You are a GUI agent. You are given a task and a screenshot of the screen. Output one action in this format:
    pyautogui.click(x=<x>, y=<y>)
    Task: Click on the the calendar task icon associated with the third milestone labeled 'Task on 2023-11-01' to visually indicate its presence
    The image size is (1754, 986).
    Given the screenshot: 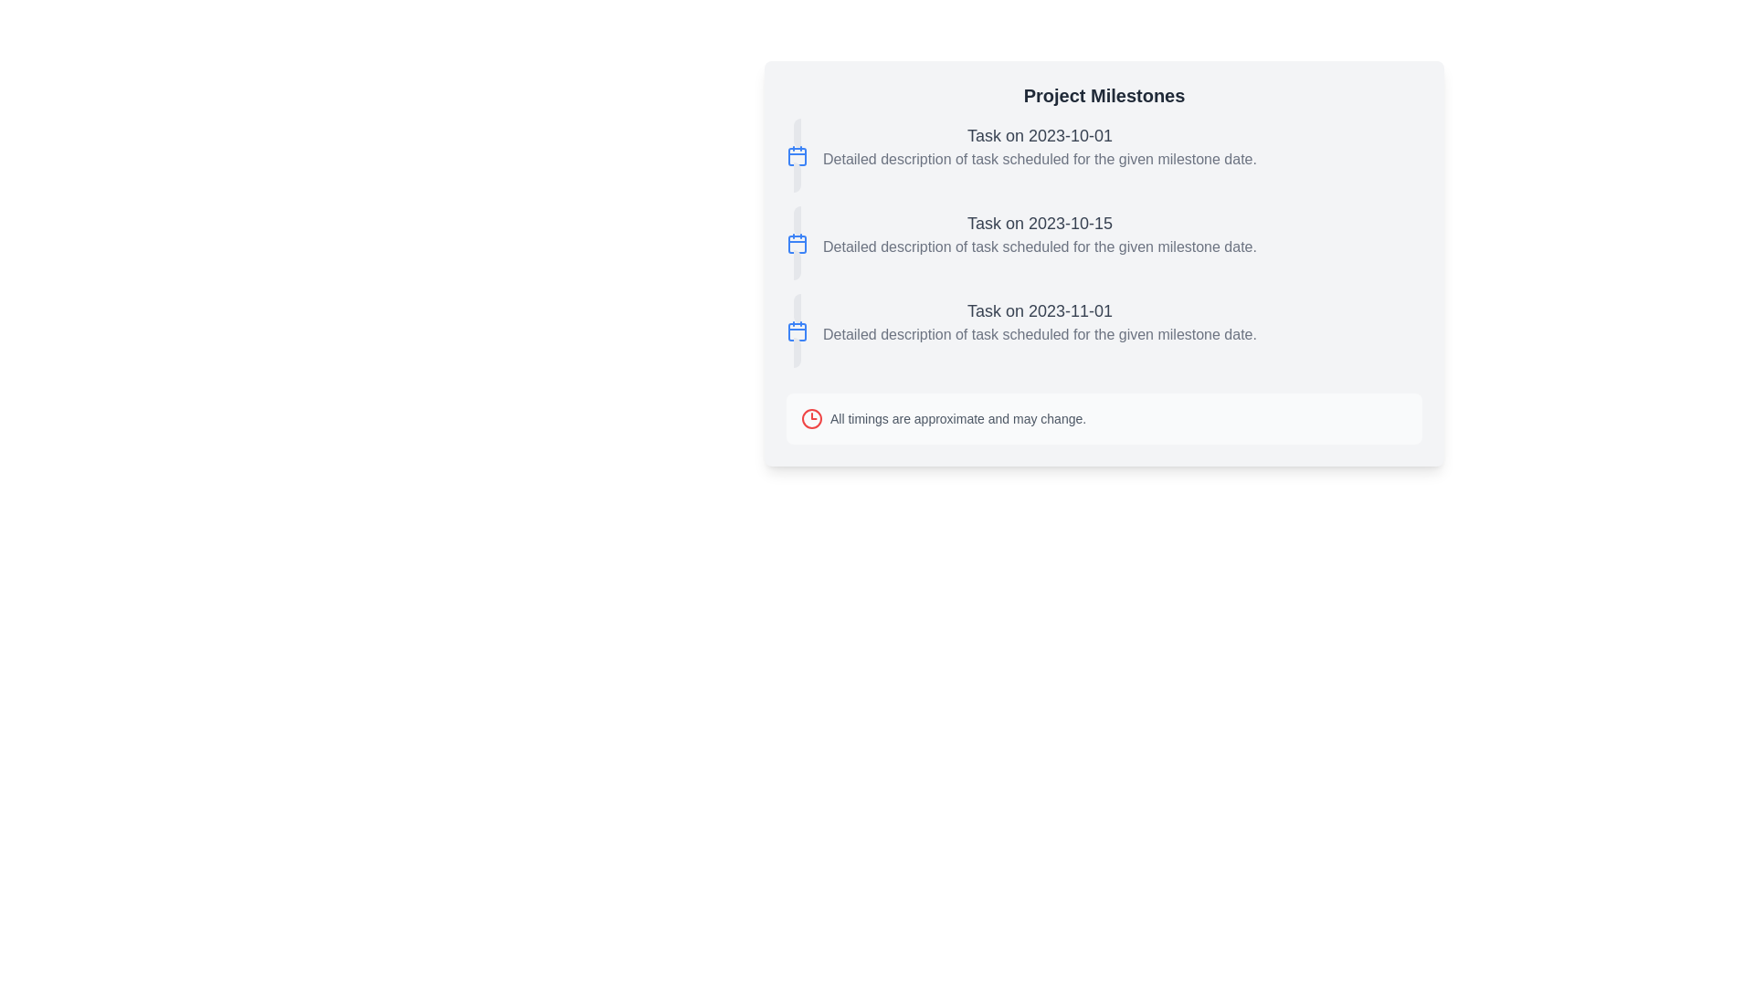 What is the action you would take?
    pyautogui.click(x=798, y=330)
    